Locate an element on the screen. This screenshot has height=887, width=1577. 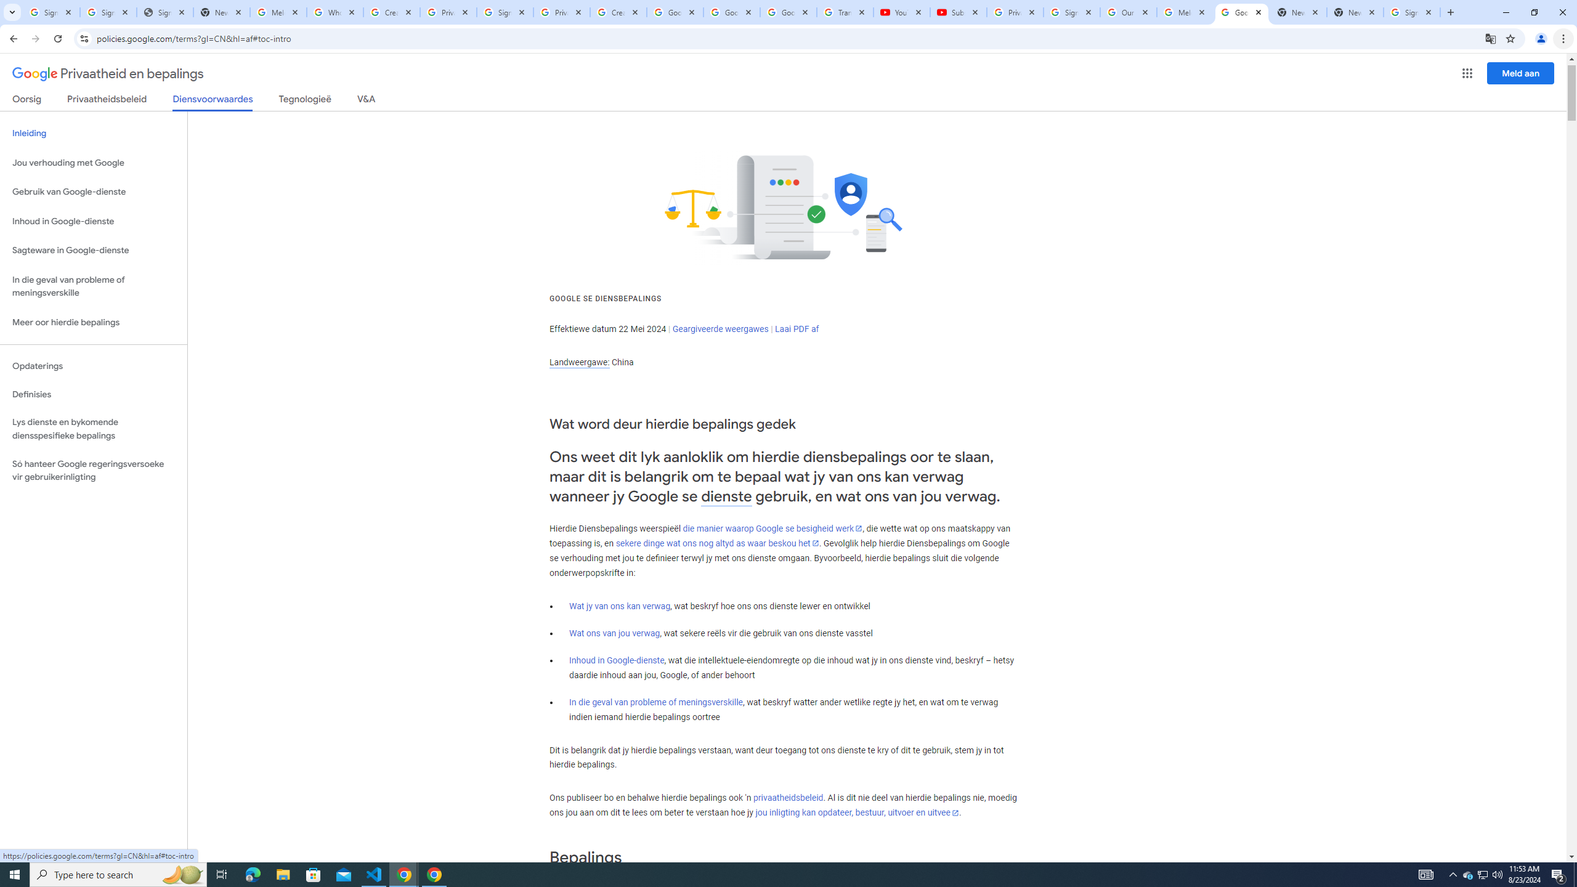
'Landweergawe:' is located at coordinates (578, 362).